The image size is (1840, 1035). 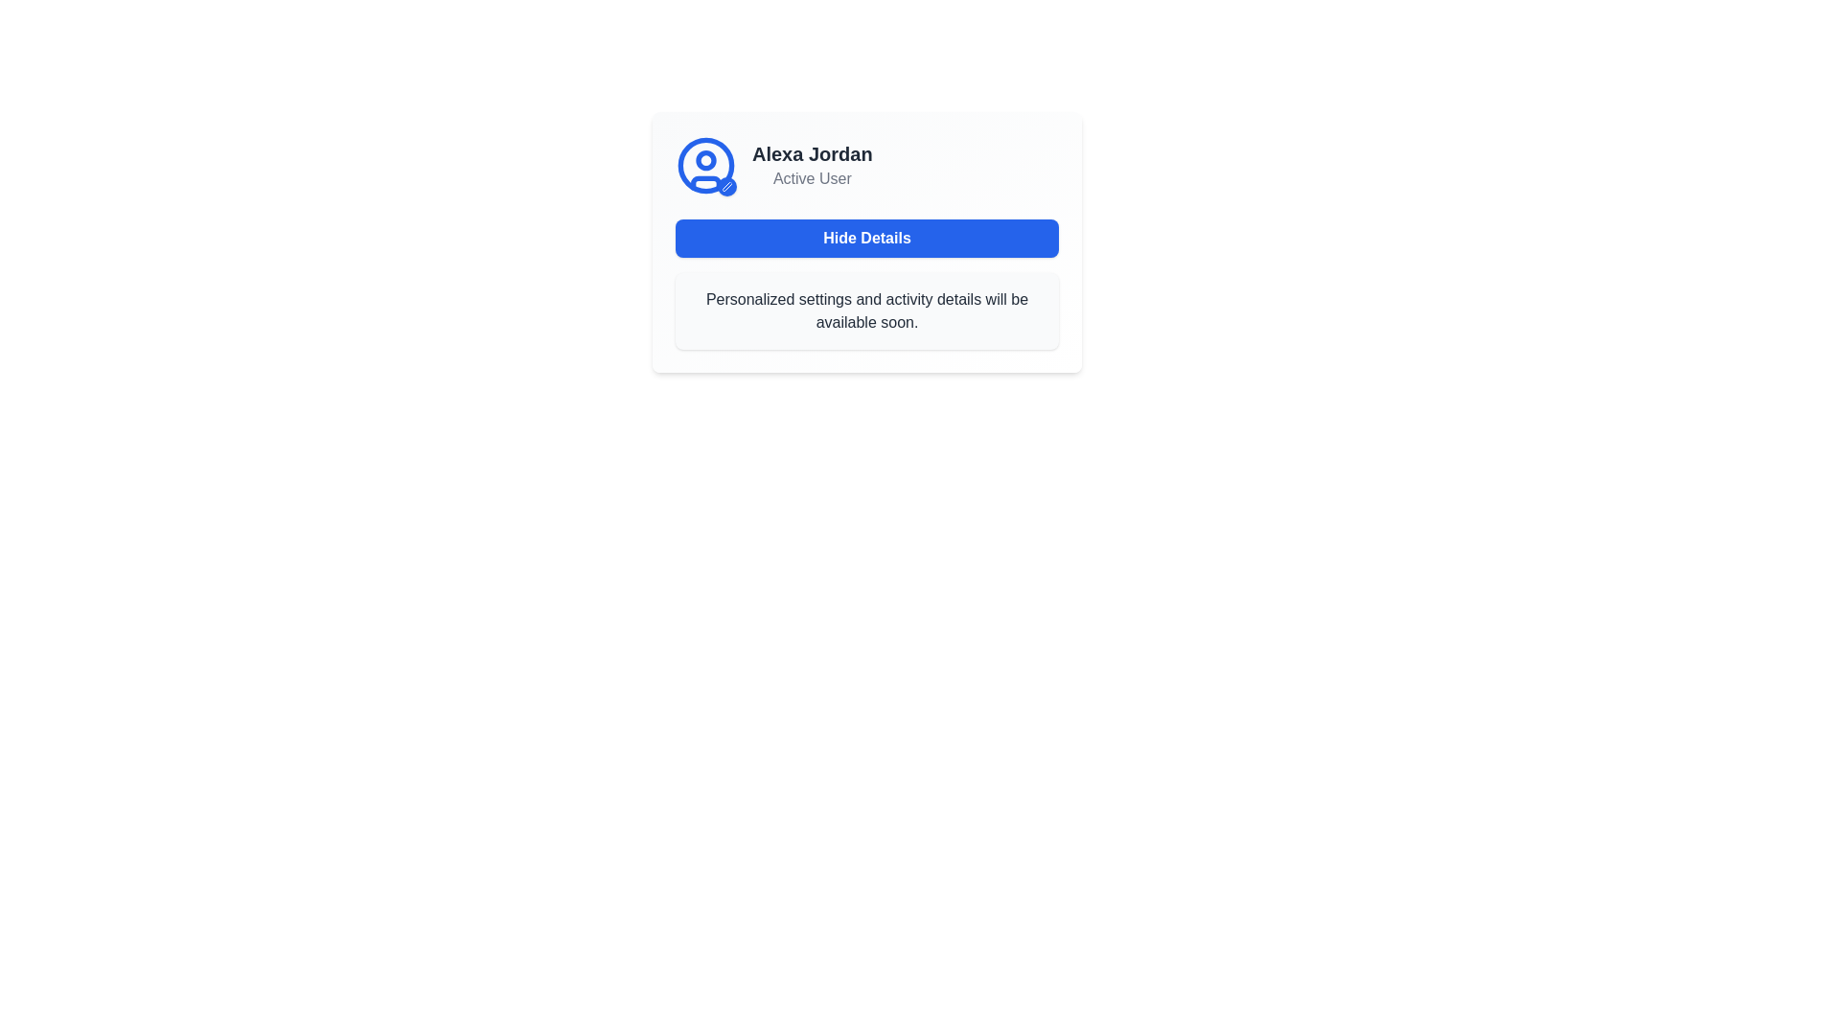 I want to click on the User Profile Icon with Edit Feature, which is a circular icon with a blue outline located to the left of the text 'Alexa Jordan' and 'Active User', to initiate an edit action, so click(x=705, y=165).